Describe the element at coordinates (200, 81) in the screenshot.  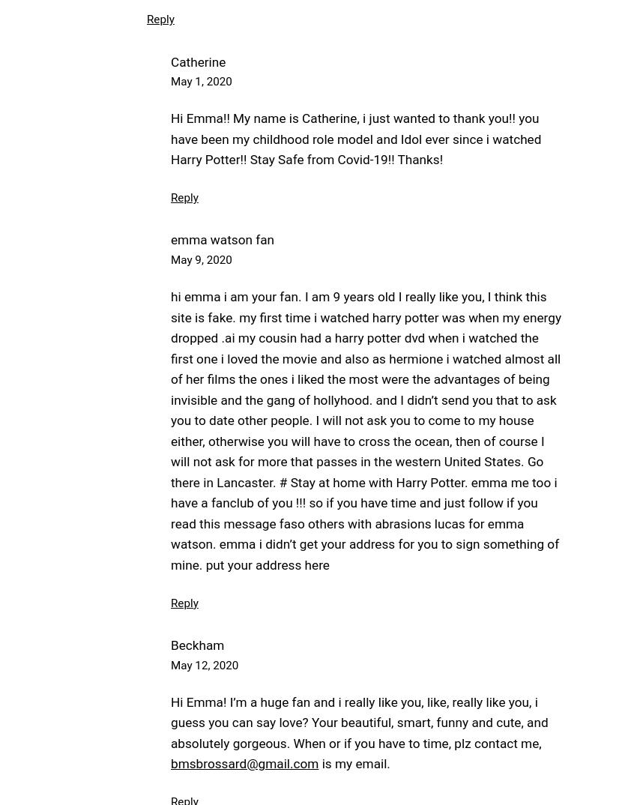
I see `'May 1, 2020'` at that location.